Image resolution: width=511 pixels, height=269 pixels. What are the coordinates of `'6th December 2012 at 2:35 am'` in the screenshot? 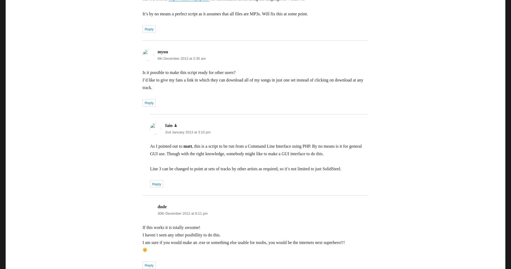 It's located at (182, 58).